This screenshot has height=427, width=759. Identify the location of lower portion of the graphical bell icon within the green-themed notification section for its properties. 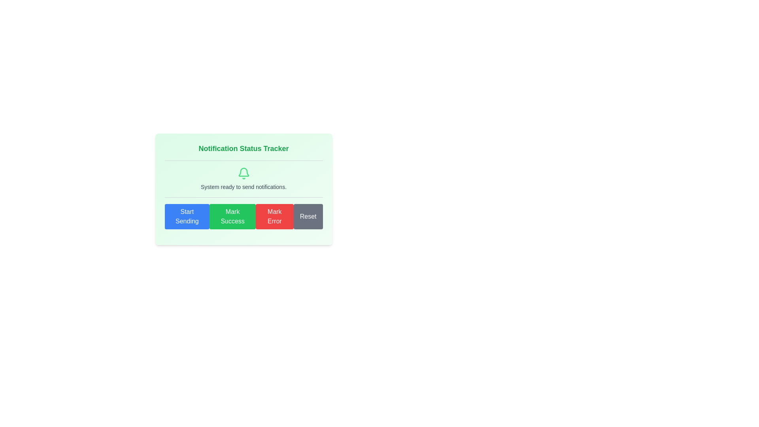
(243, 172).